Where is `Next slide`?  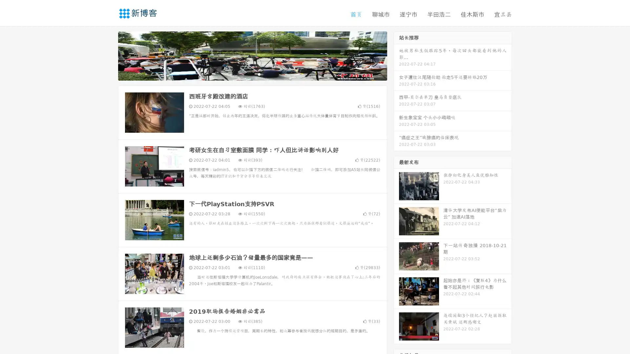
Next slide is located at coordinates (396, 55).